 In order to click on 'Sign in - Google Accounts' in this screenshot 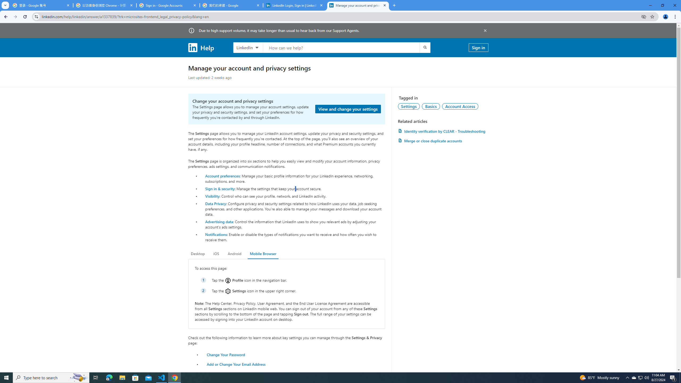, I will do `click(168, 5)`.